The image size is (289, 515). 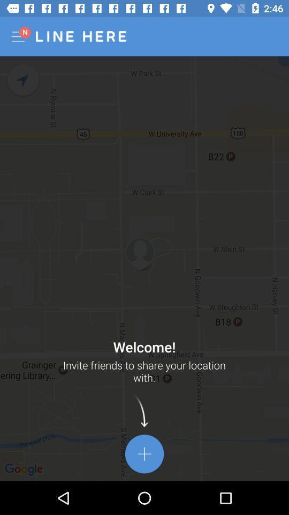 What do you see at coordinates (144, 454) in the screenshot?
I see `it` at bounding box center [144, 454].